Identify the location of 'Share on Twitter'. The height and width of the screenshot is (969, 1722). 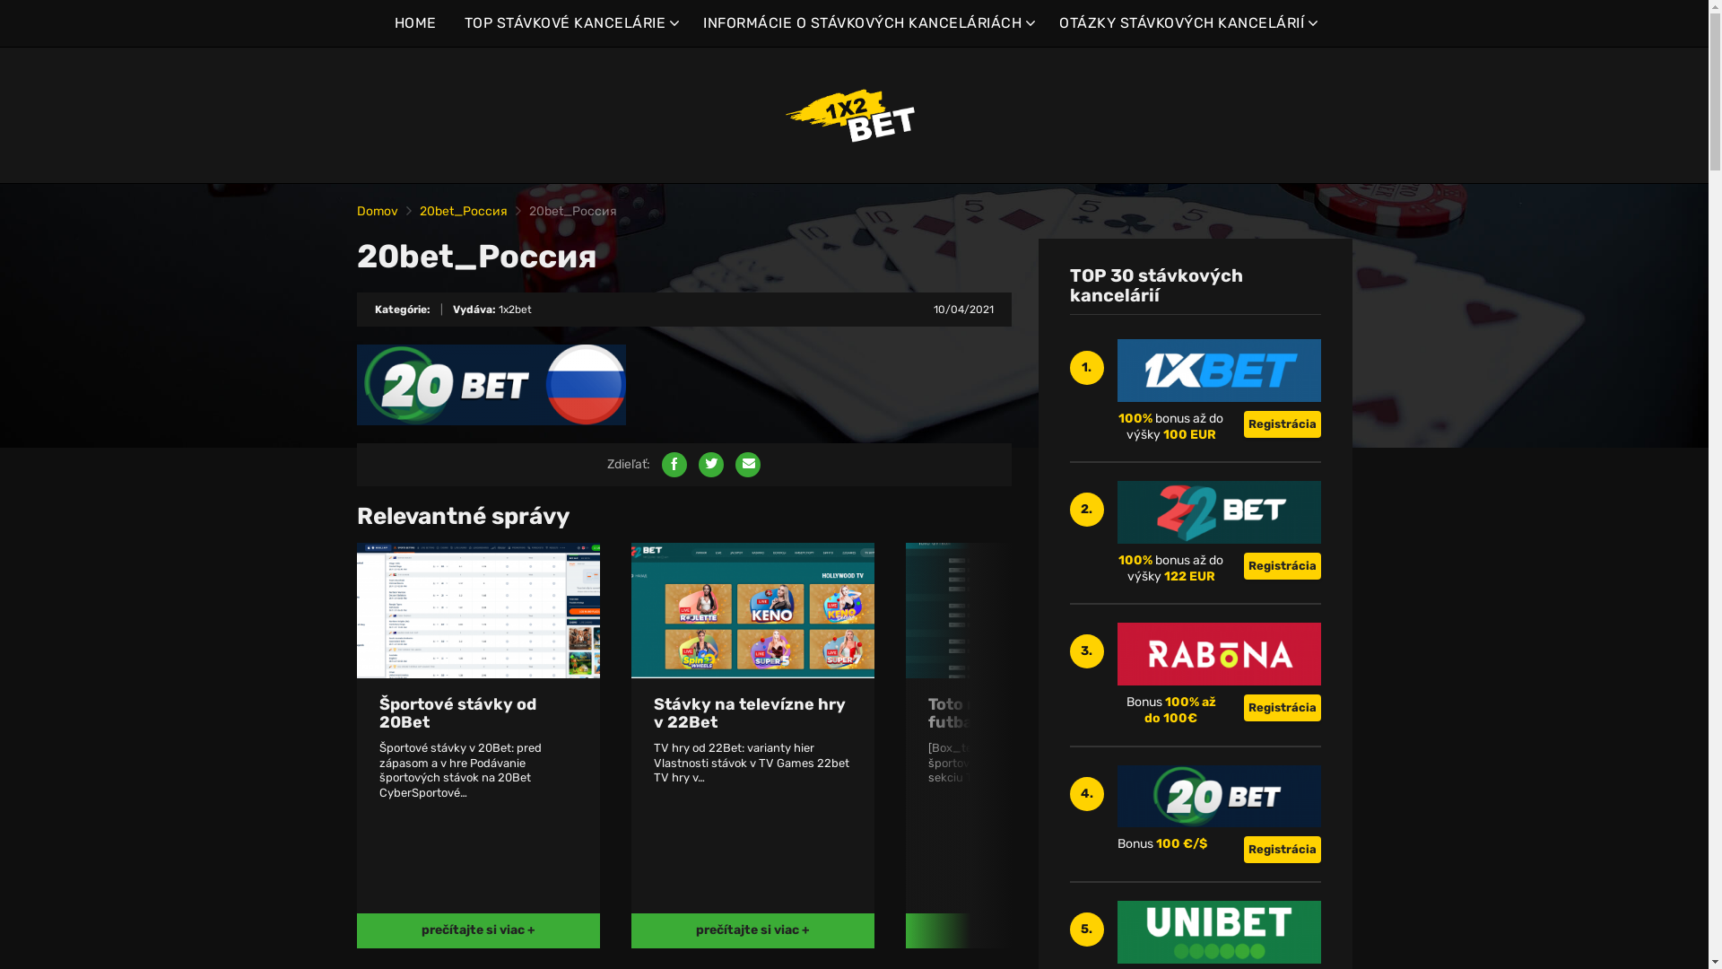
(709, 463).